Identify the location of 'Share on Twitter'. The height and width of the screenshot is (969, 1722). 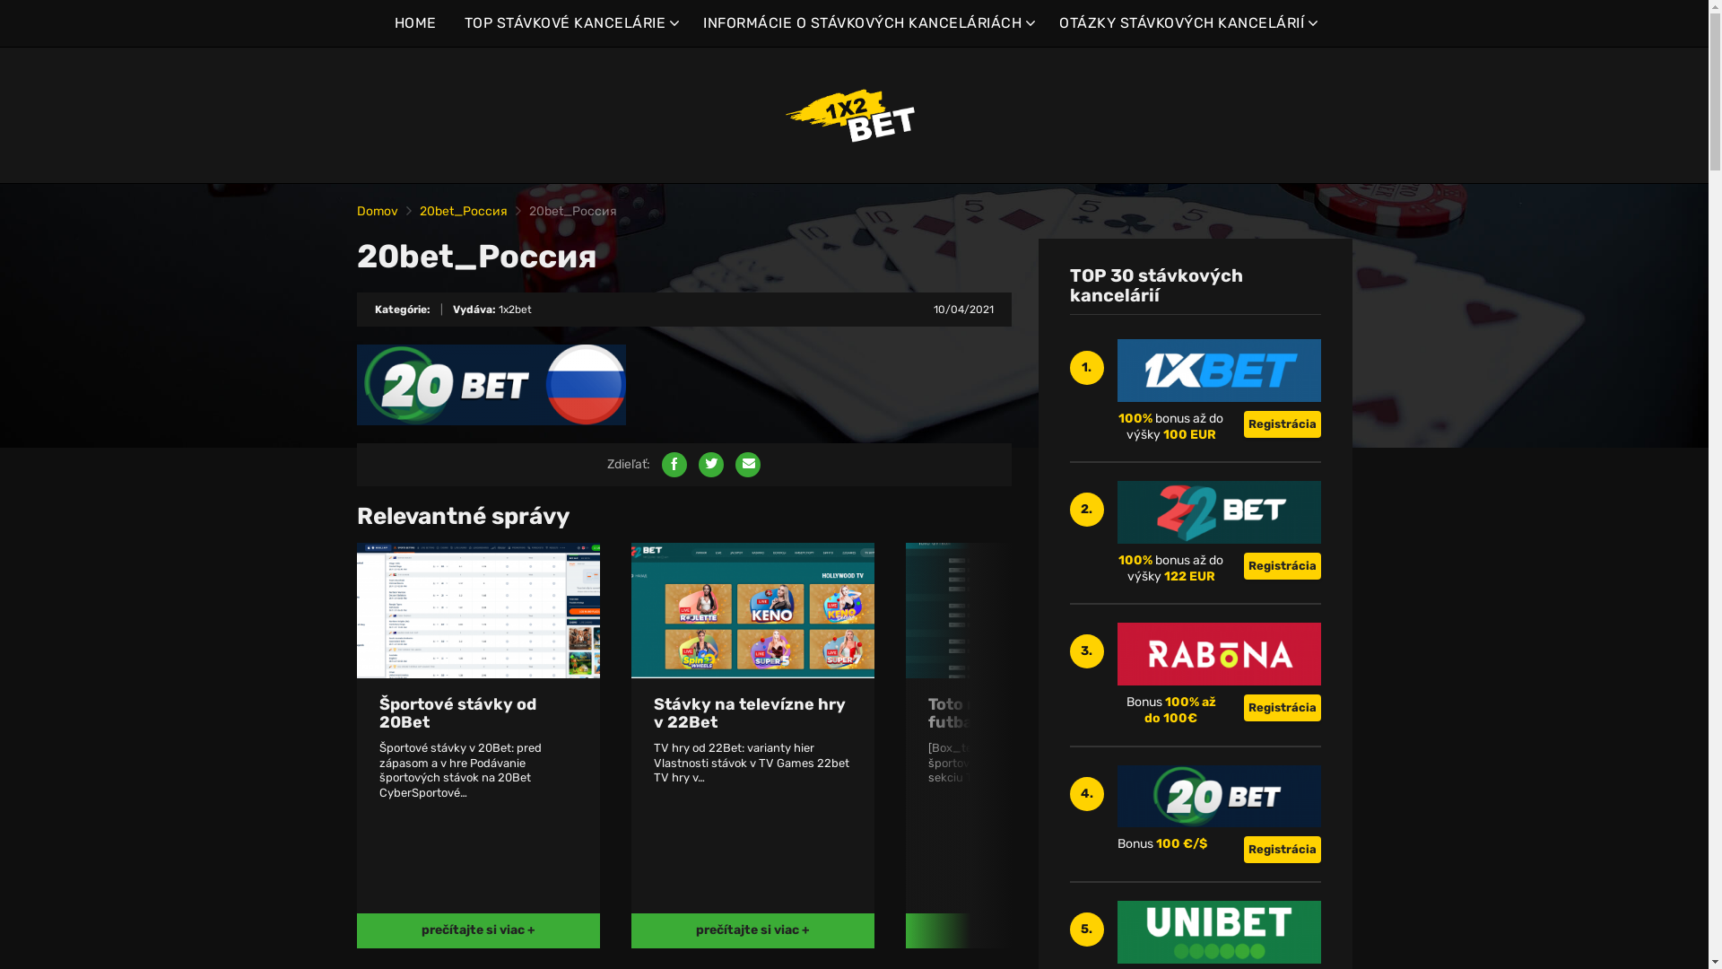
(709, 463).